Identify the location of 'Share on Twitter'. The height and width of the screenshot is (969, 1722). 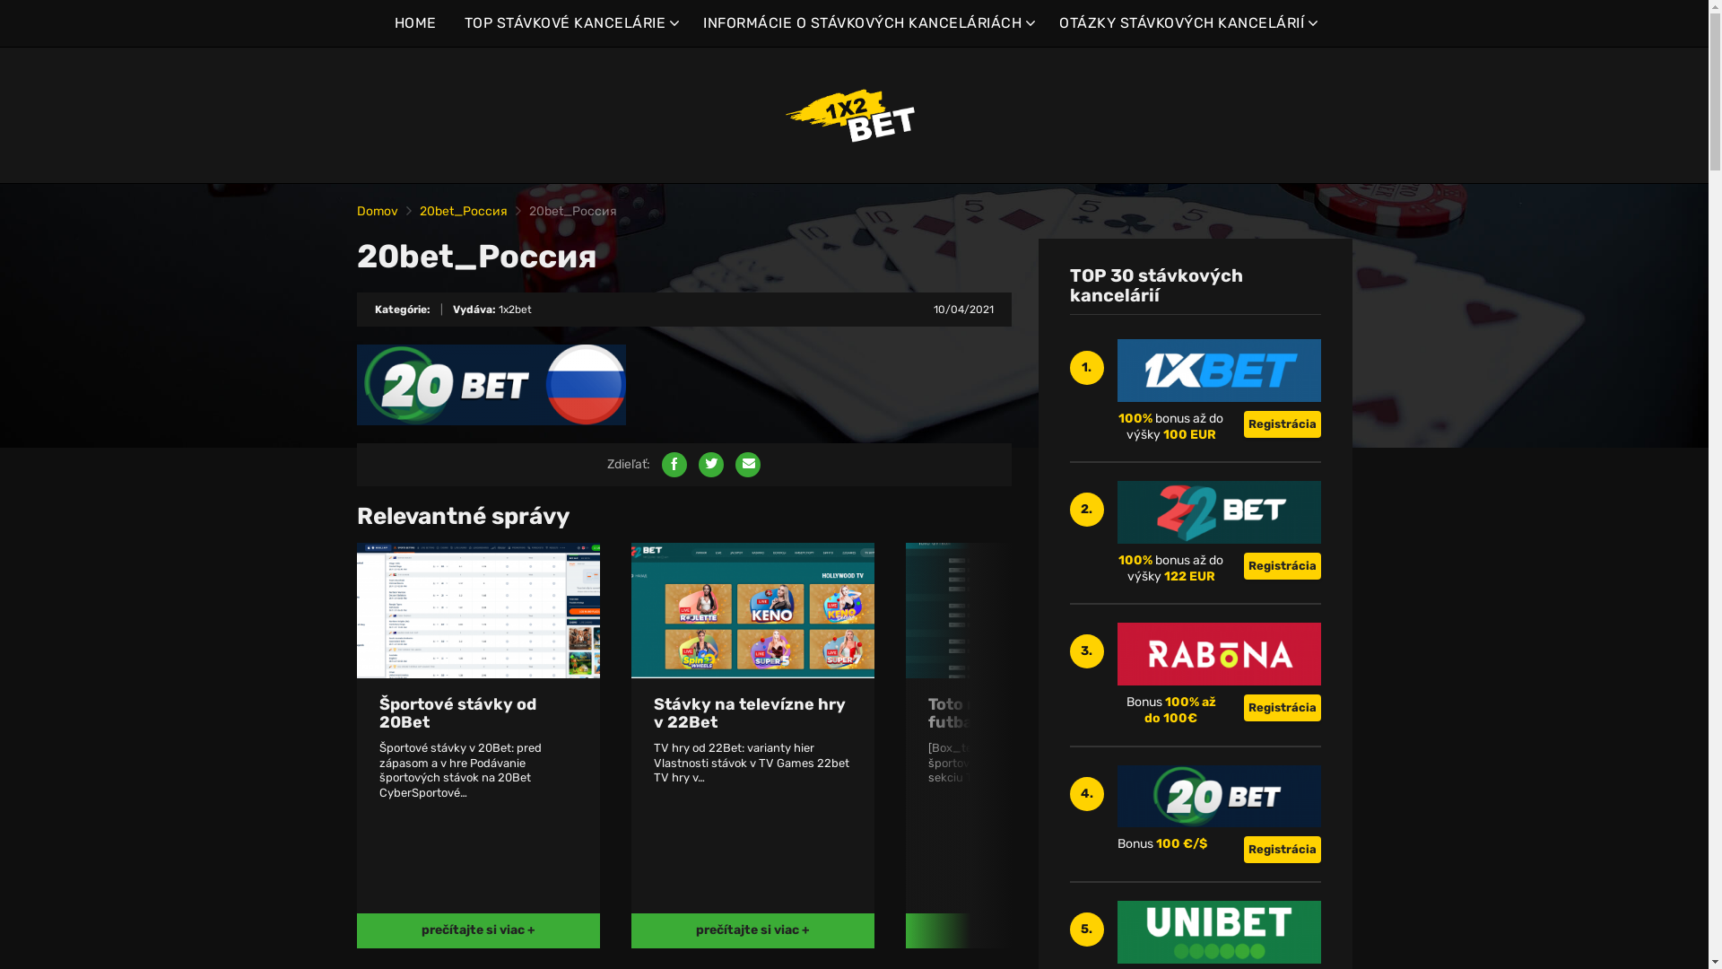
(709, 463).